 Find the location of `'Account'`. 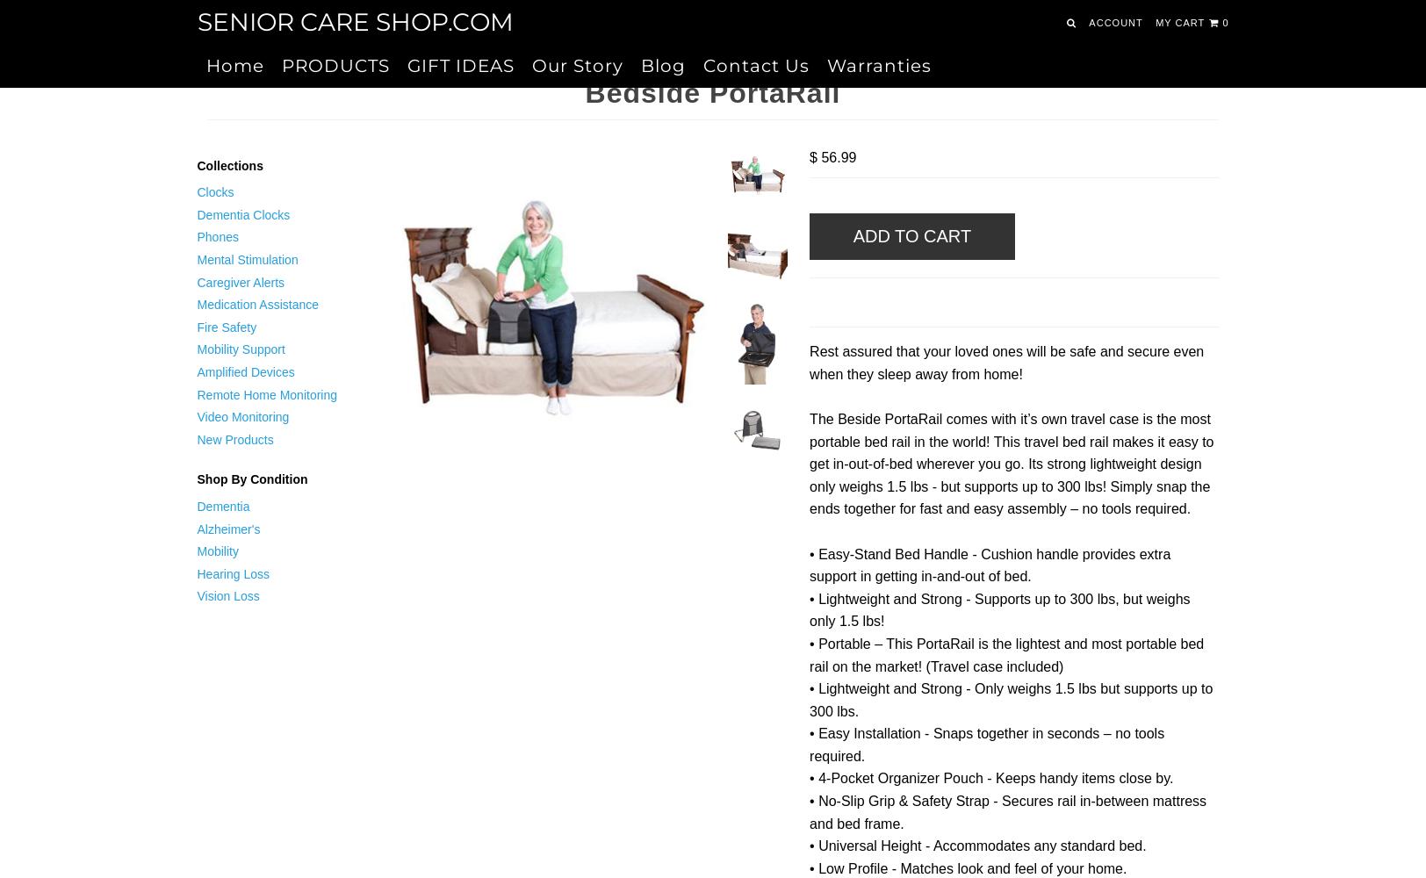

'Account' is located at coordinates (1088, 23).